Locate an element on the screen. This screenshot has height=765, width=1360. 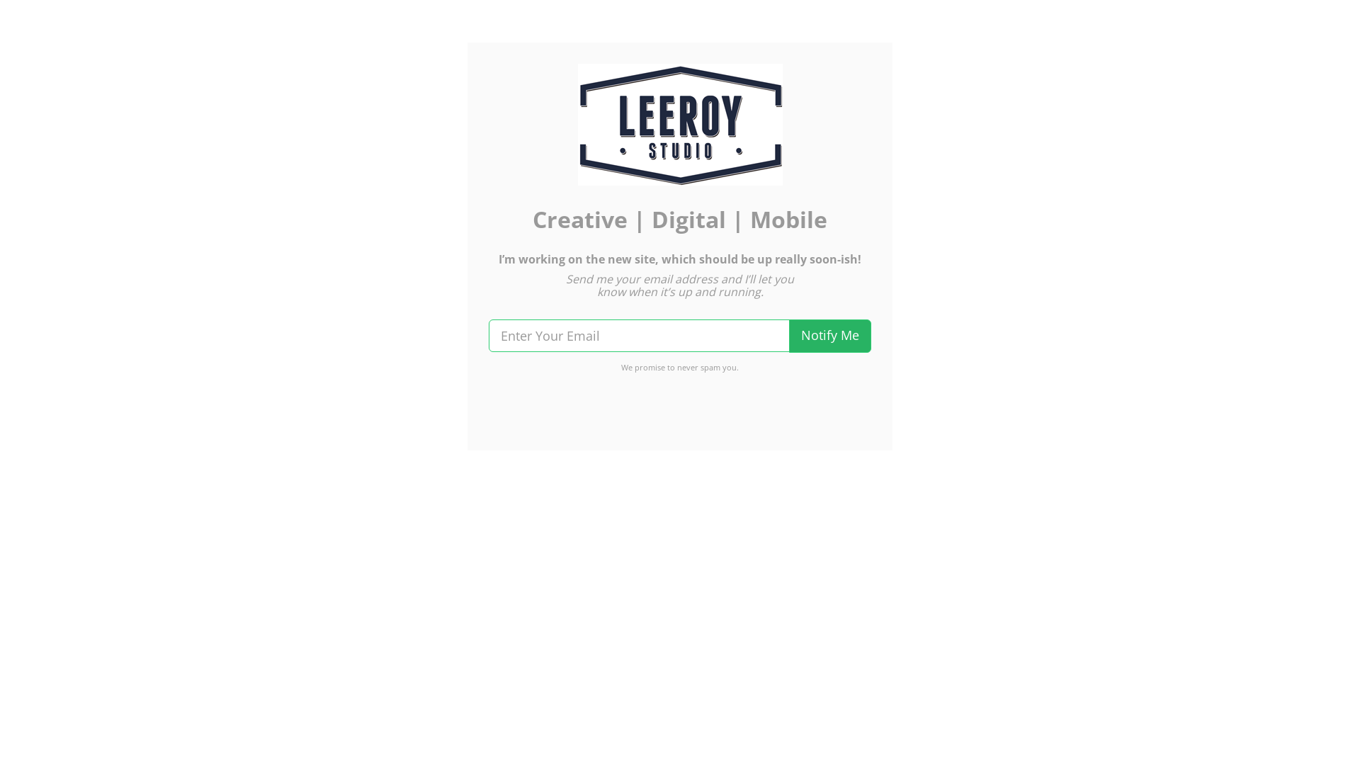
'Notify Me' is located at coordinates (829, 336).